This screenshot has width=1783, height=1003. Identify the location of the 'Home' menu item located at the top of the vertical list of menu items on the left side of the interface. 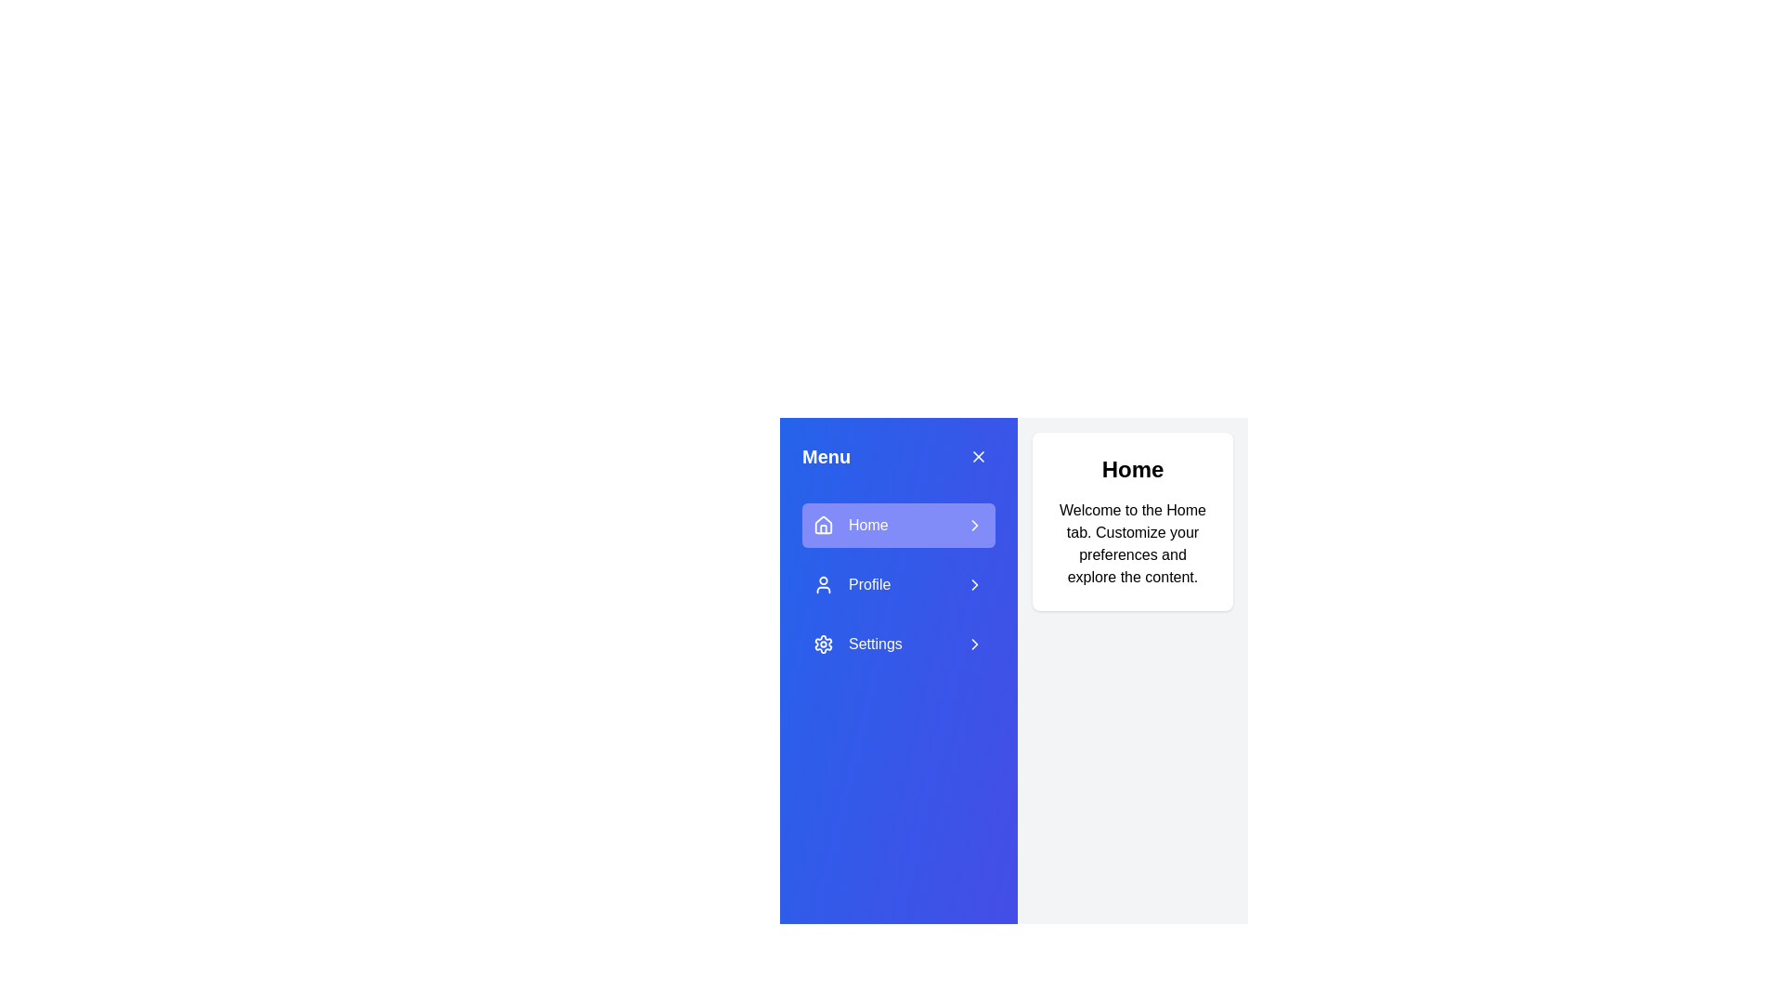
(899, 526).